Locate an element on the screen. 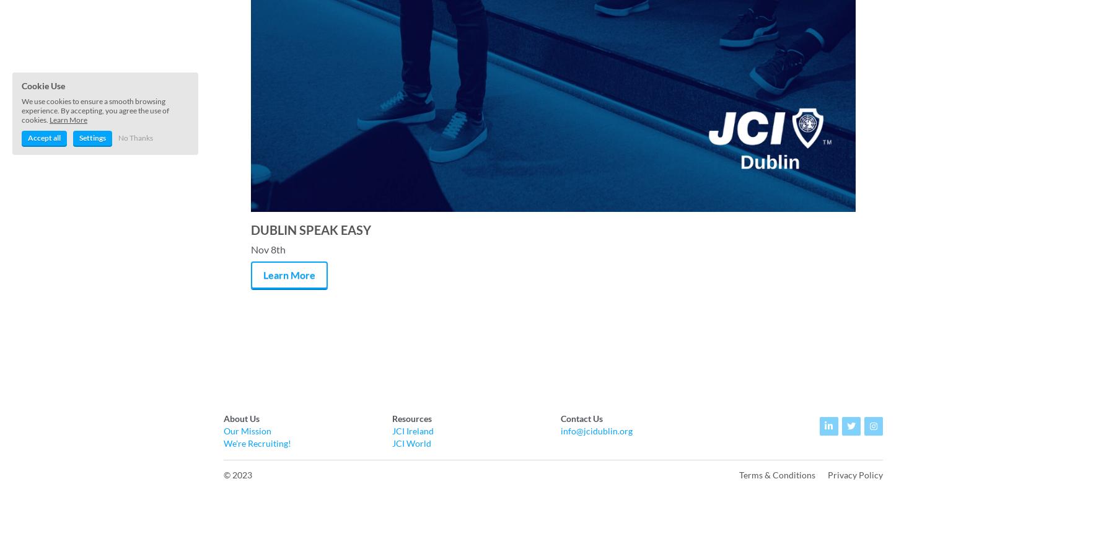 The width and height of the screenshot is (1106, 536). 'Nov 8th' is located at coordinates (266, 248).